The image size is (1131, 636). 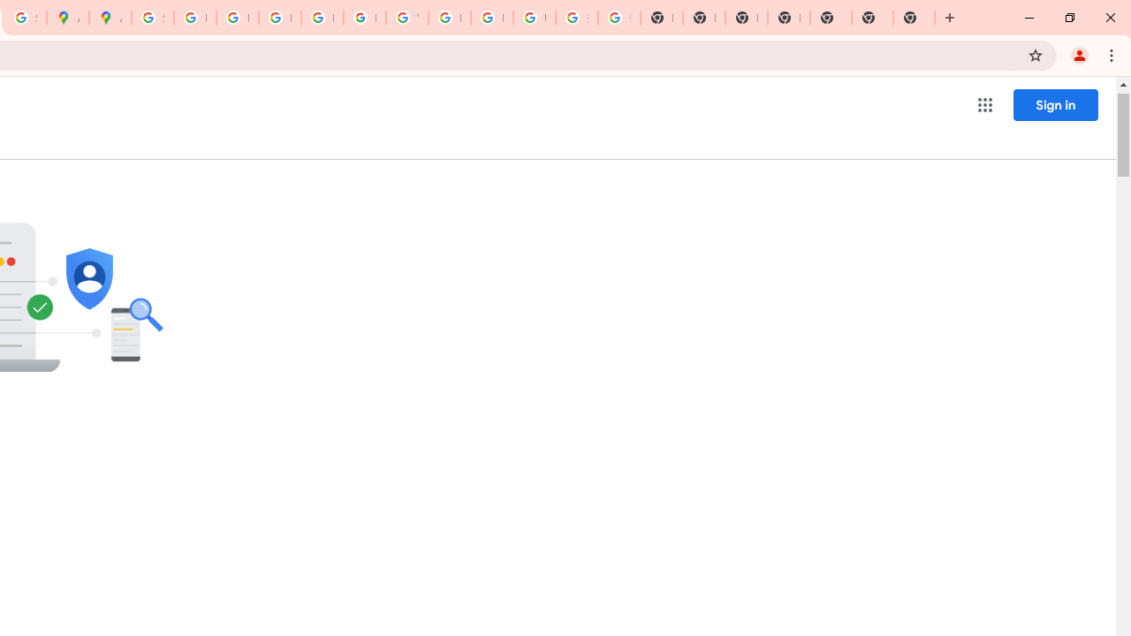 What do you see at coordinates (872, 18) in the screenshot?
I see `'New Tab'` at bounding box center [872, 18].